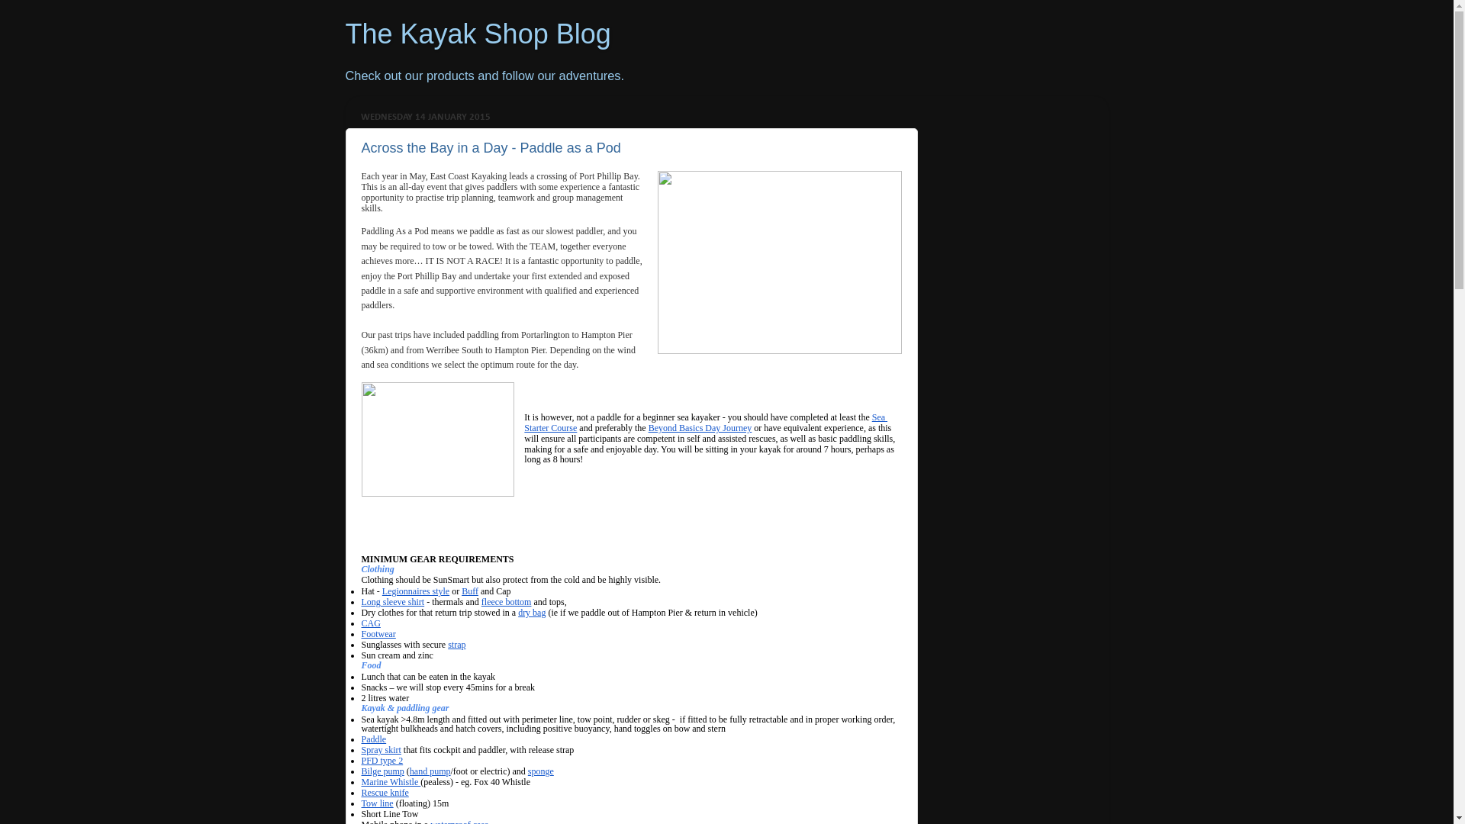 The image size is (1465, 824). I want to click on 'hand pump', so click(429, 771).